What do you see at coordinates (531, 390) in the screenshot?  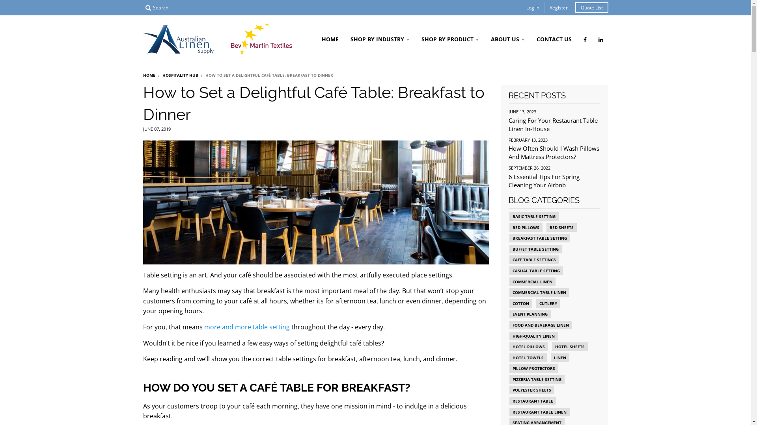 I see `'POLYESTER SHEETS'` at bounding box center [531, 390].